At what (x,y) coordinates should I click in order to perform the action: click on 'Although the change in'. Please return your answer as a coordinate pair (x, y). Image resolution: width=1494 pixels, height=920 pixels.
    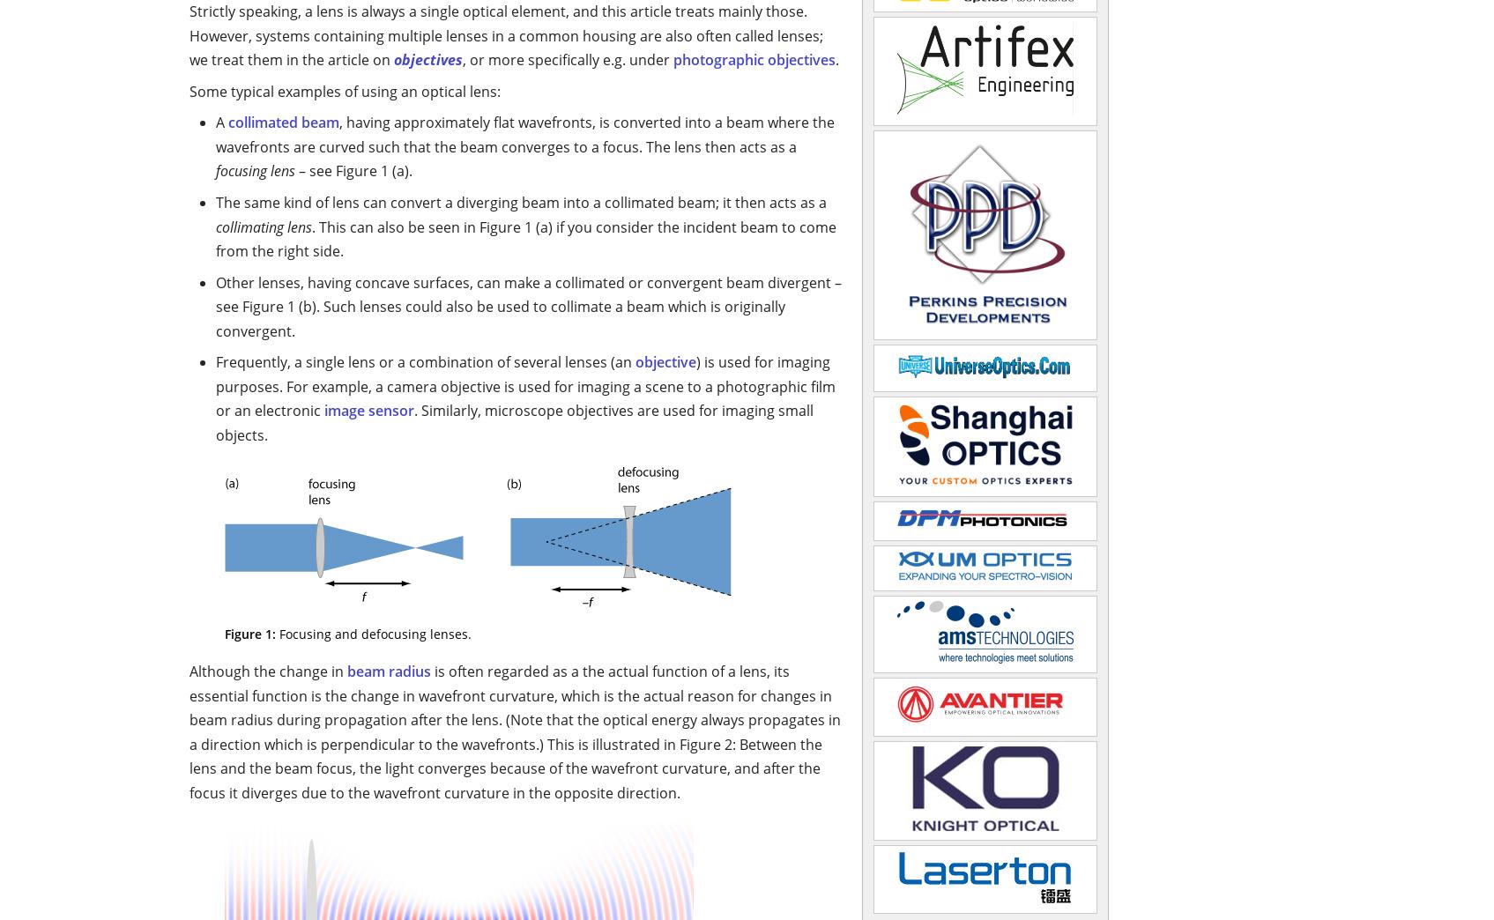
    Looking at the image, I should click on (268, 671).